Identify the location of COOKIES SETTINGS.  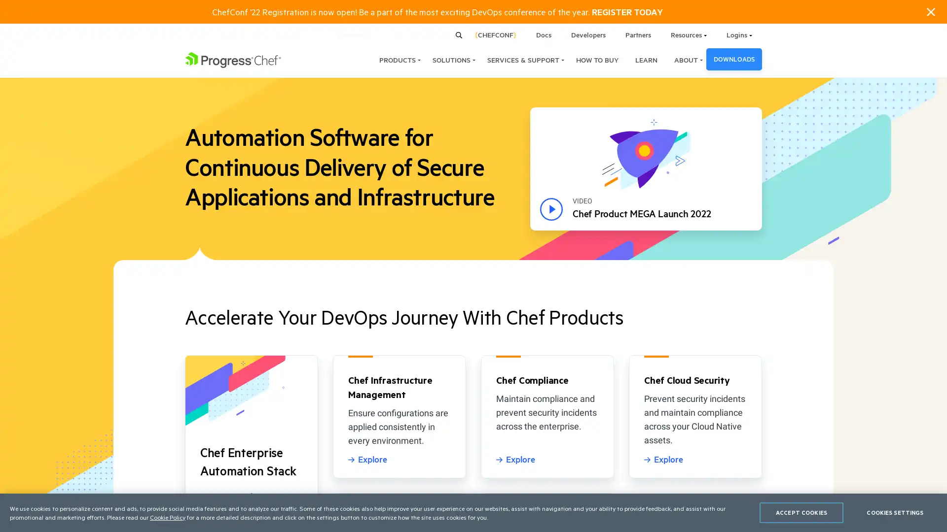
(895, 512).